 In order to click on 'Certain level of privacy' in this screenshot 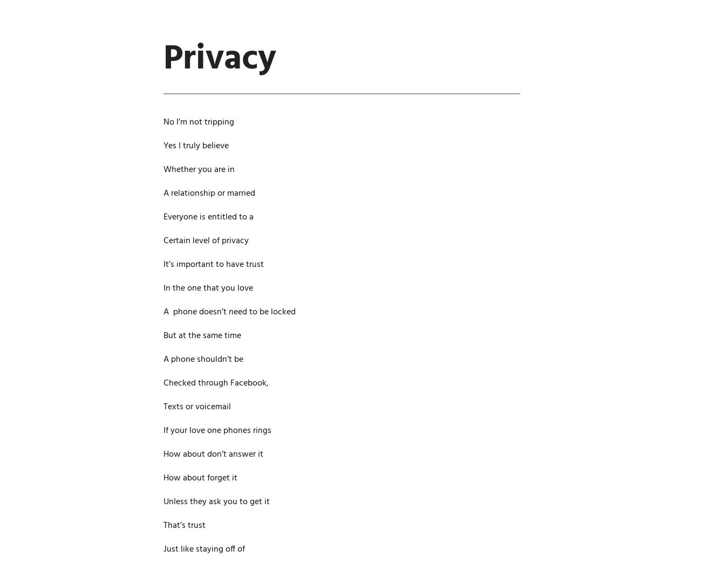, I will do `click(205, 240)`.